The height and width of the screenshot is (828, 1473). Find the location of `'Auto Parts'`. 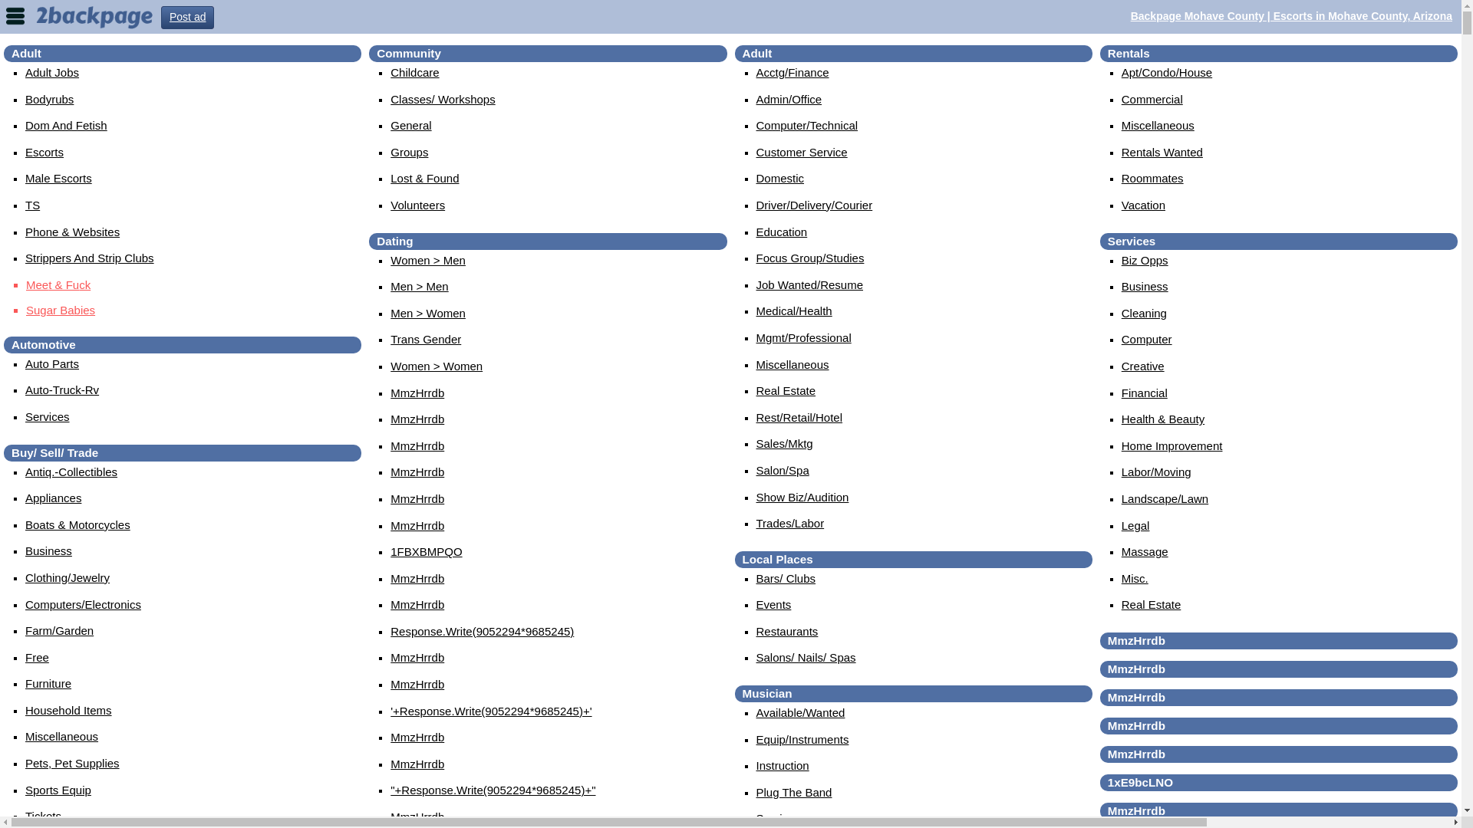

'Auto Parts' is located at coordinates (51, 363).